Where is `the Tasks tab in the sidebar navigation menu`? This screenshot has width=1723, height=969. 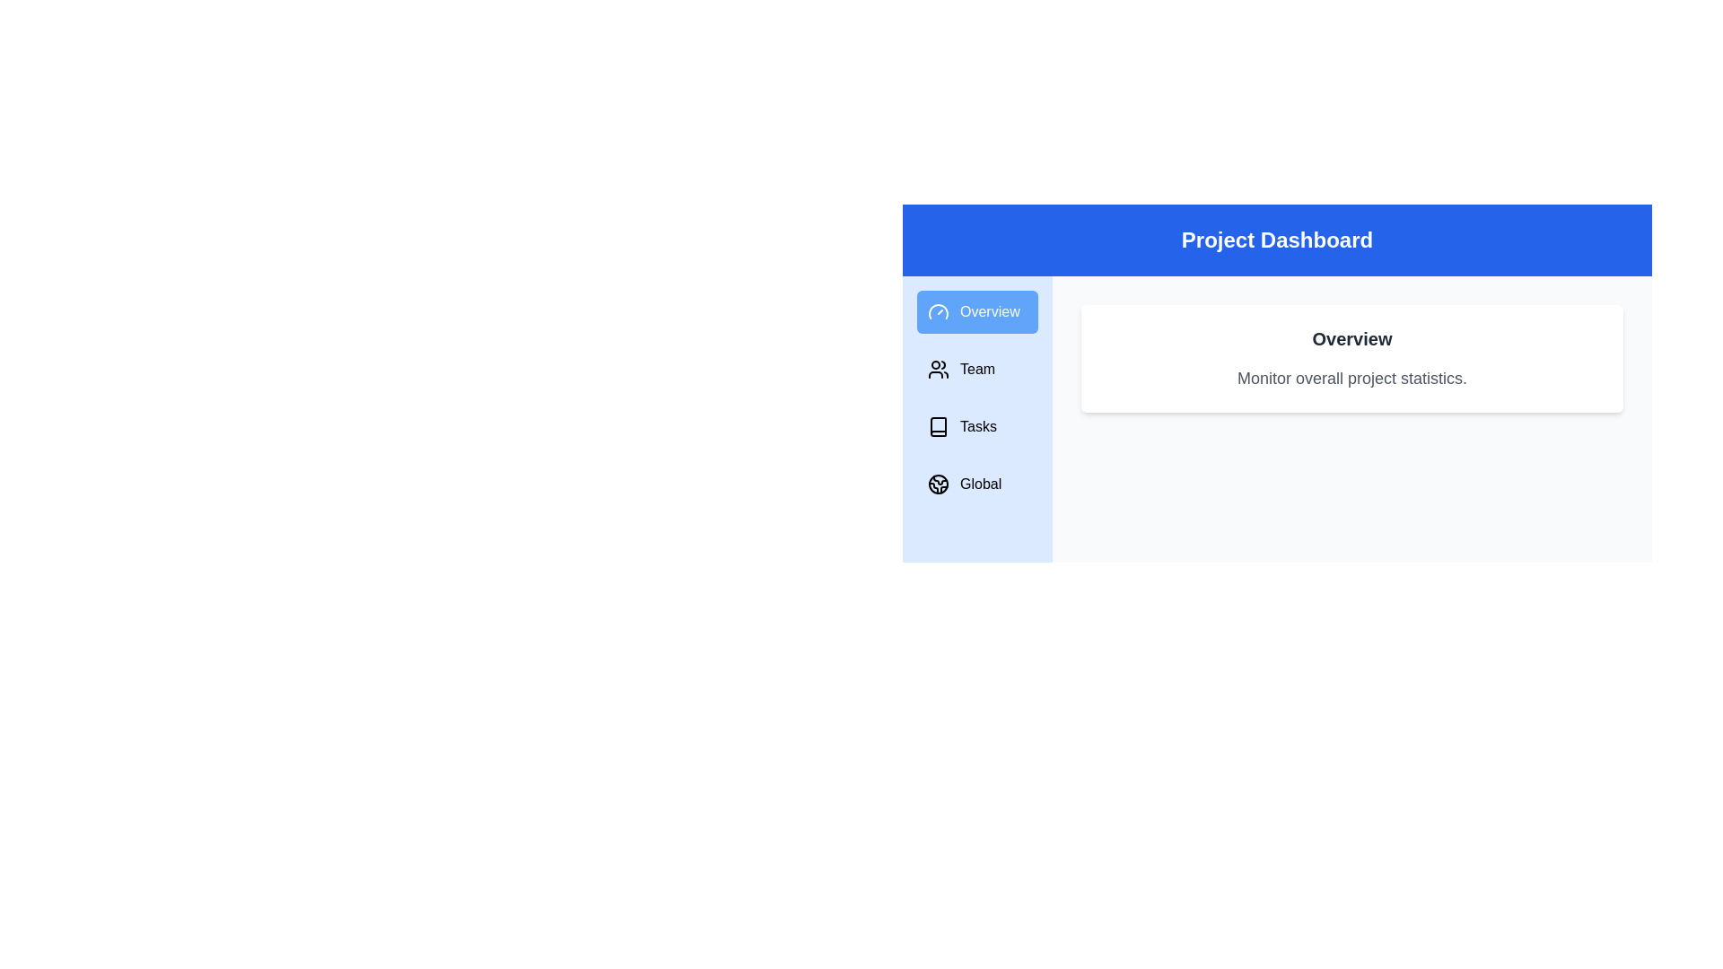
the Tasks tab in the sidebar navigation menu is located at coordinates (976, 426).